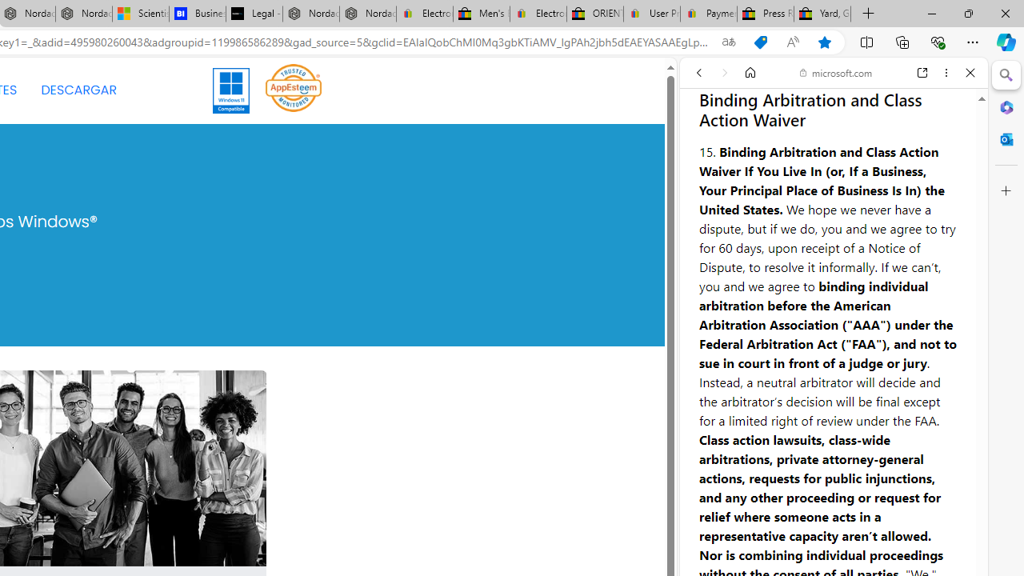 The height and width of the screenshot is (576, 1024). I want to click on 'microsoft.com', so click(835, 73).